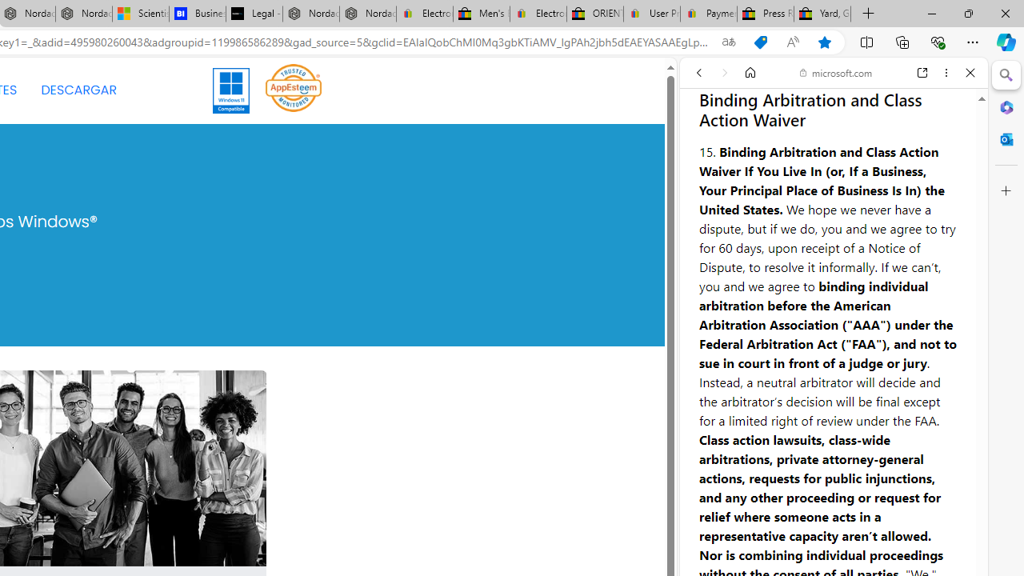 The height and width of the screenshot is (576, 1024). I want to click on 'microsoft.com', so click(835, 73).